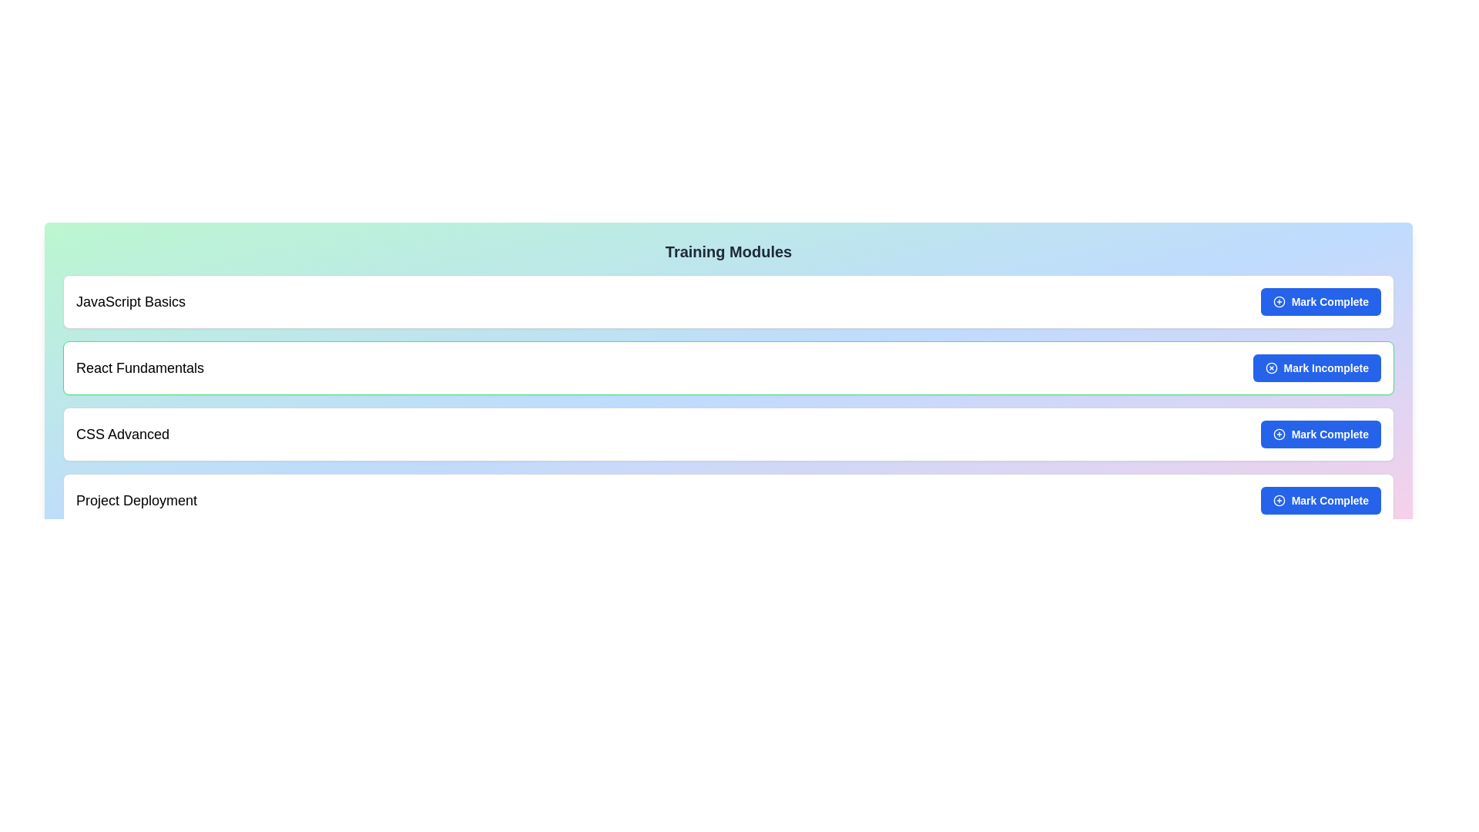 The height and width of the screenshot is (832, 1479). I want to click on the button that updates the status of the 'React Fundamentals' module, so click(1316, 368).